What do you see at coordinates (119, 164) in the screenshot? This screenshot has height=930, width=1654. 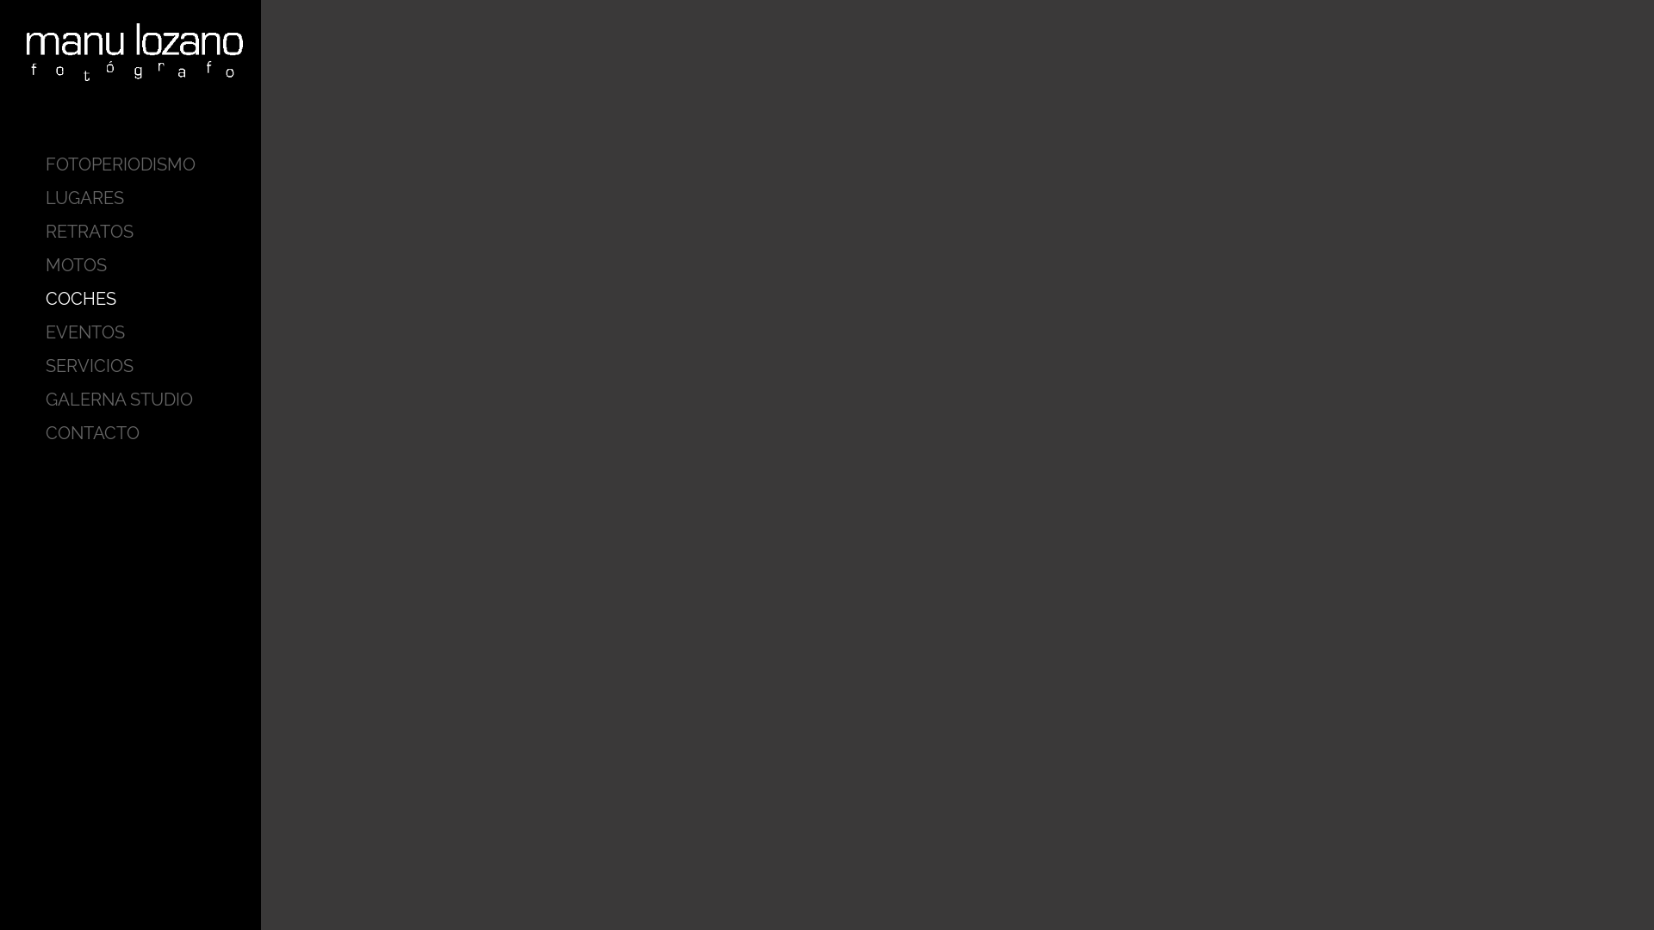 I see `'FOTOPERIODISMO'` at bounding box center [119, 164].